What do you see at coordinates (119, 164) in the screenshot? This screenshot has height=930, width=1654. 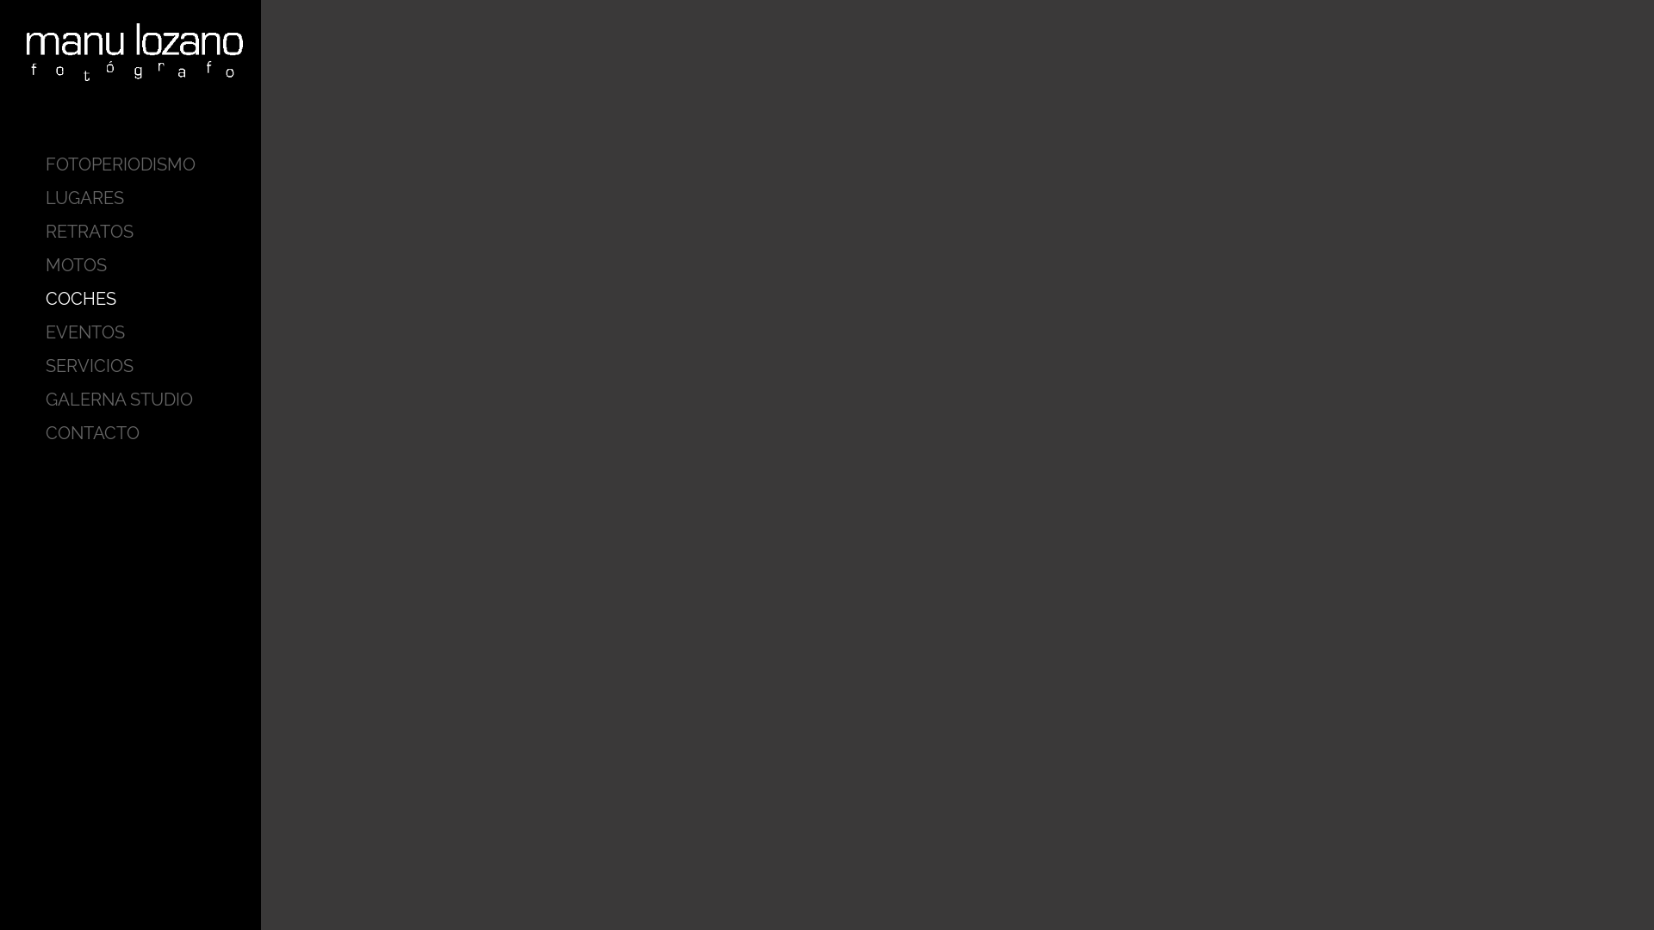 I see `'FOTOPERIODISMO'` at bounding box center [119, 164].